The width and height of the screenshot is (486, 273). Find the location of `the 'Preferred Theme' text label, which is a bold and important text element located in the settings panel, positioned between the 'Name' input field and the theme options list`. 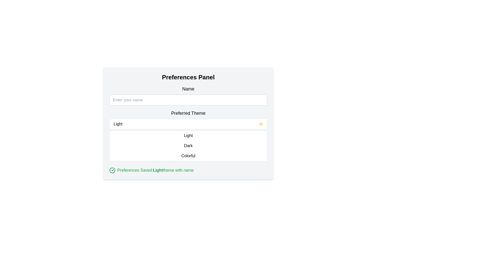

the 'Preferred Theme' text label, which is a bold and important text element located in the settings panel, positioned between the 'Name' input field and the theme options list is located at coordinates (188, 113).